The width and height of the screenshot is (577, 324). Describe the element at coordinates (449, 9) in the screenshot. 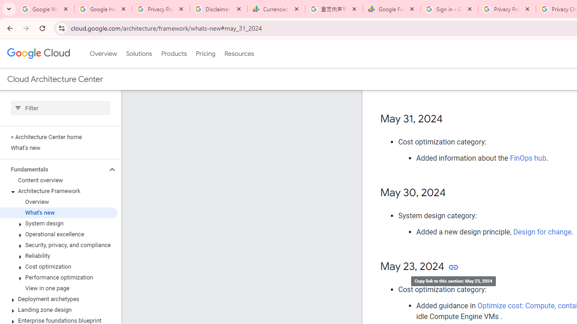

I see `'Sign in - Google Accounts'` at that location.